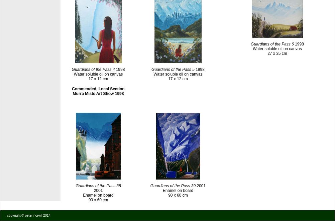 Image resolution: width=335 pixels, height=221 pixels. I want to click on '27 x 35 cm', so click(276, 52).